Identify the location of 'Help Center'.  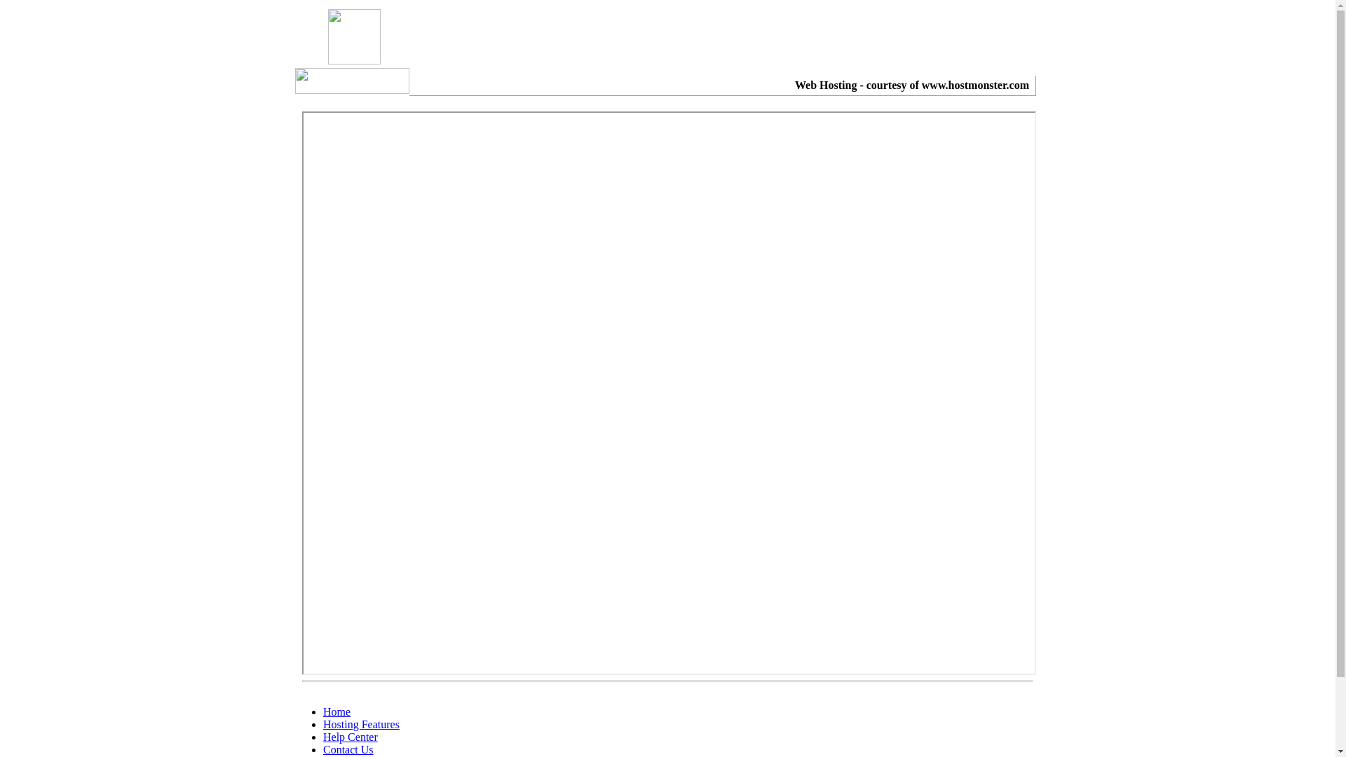
(322, 736).